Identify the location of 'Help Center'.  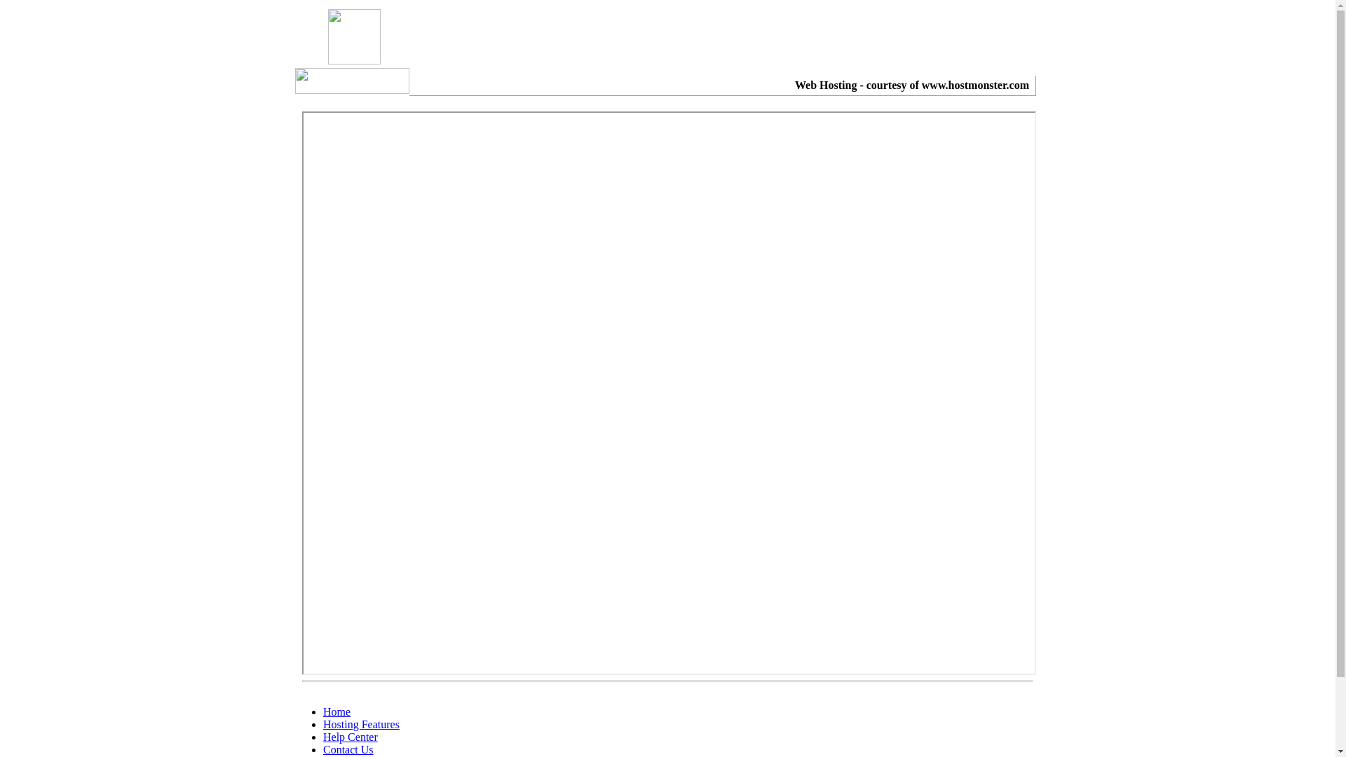
(322, 736).